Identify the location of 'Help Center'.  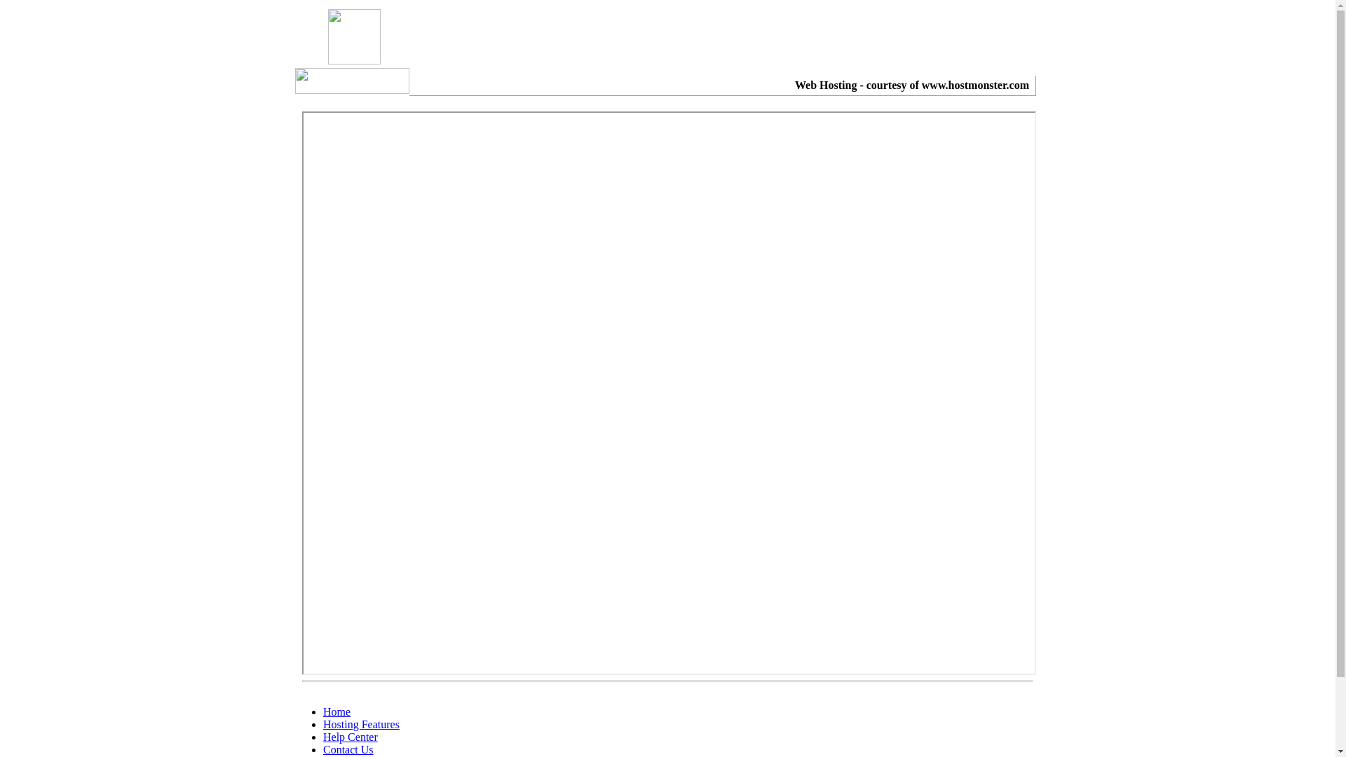
(322, 736).